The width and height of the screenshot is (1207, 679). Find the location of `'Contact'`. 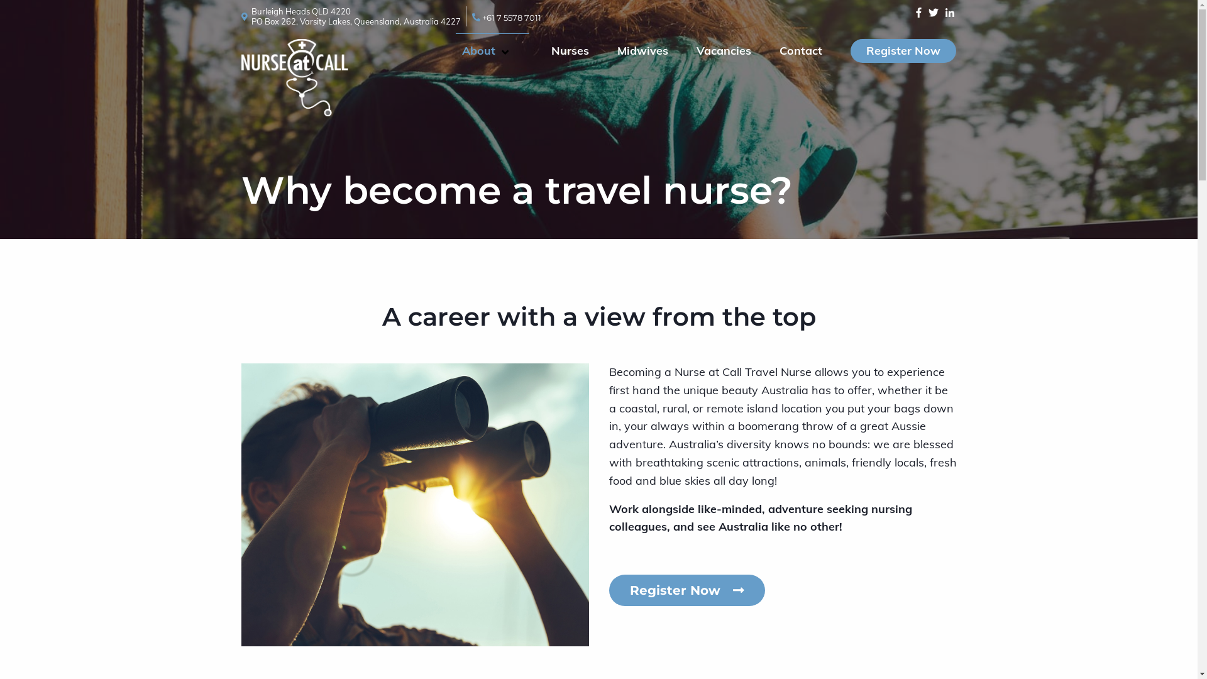

'Contact' is located at coordinates (800, 50).